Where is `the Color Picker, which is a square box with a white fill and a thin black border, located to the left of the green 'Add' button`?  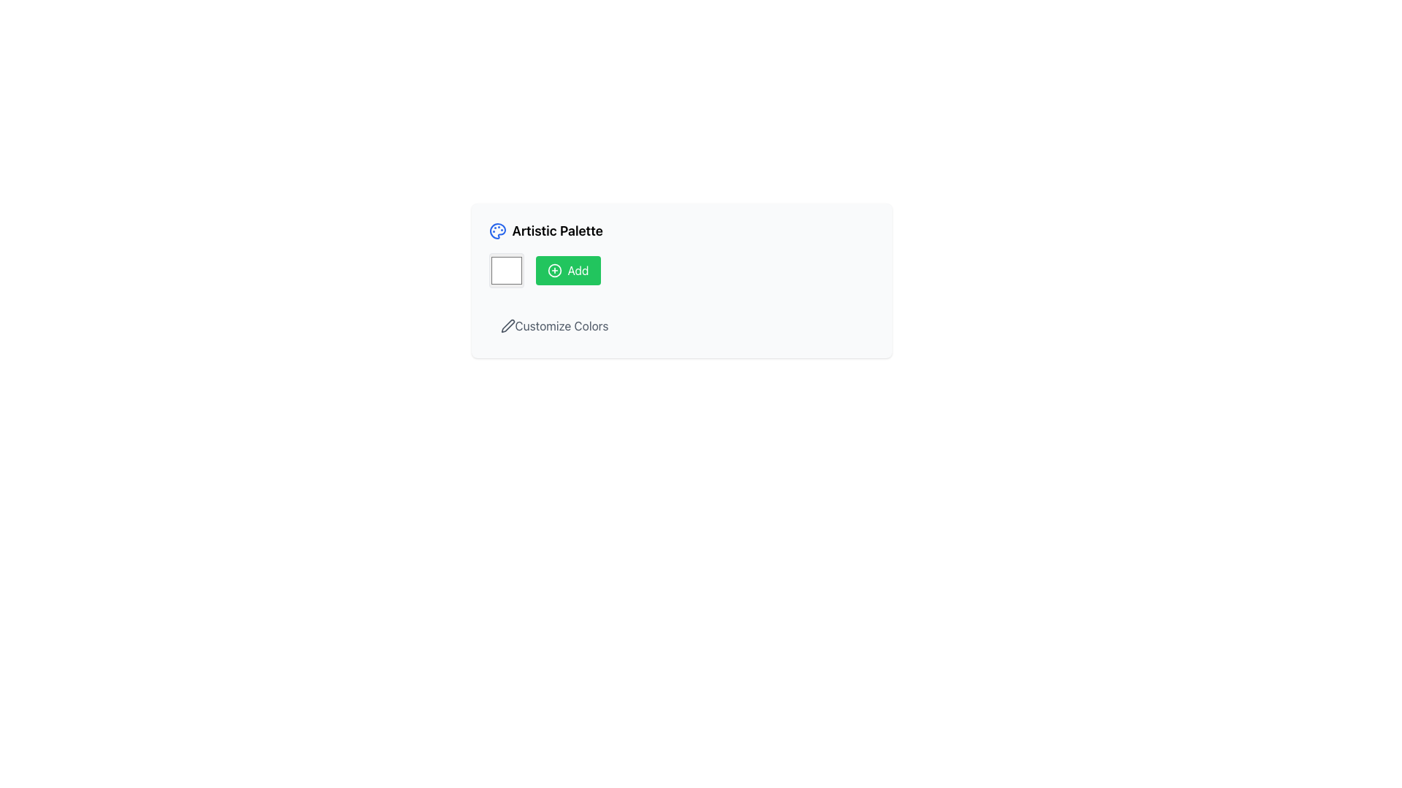 the Color Picker, which is a square box with a white fill and a thin black border, located to the left of the green 'Add' button is located at coordinates (506, 270).